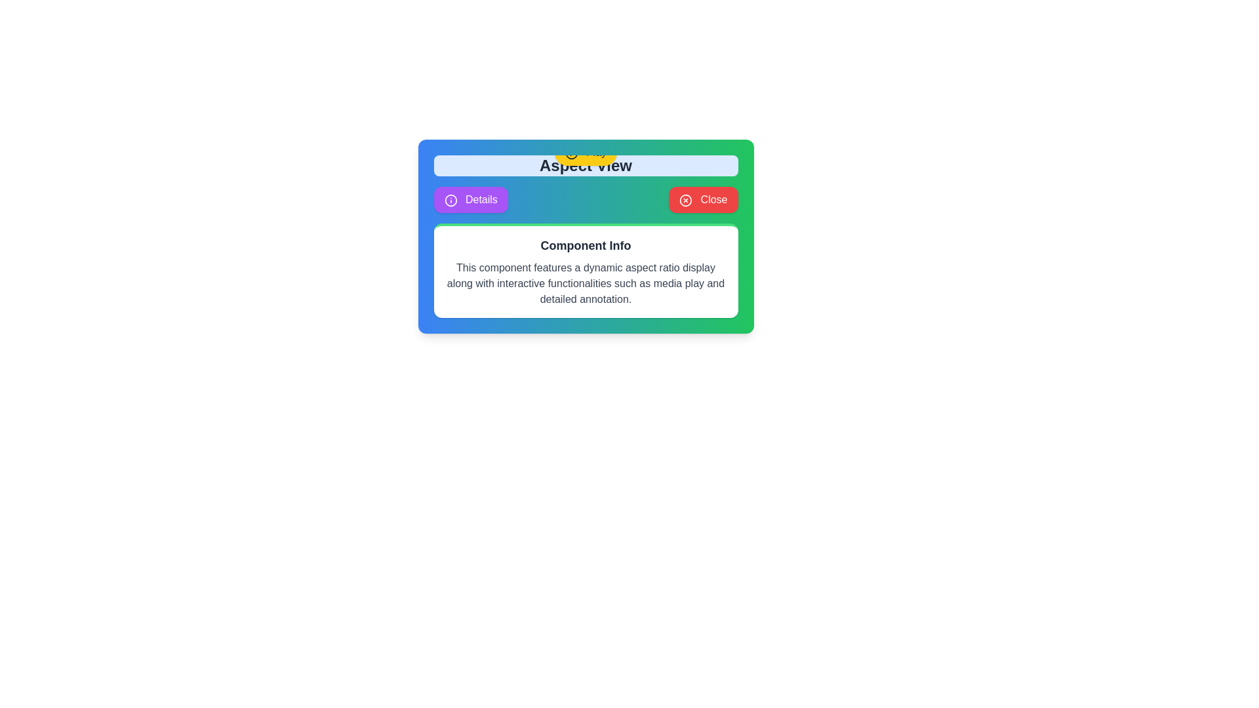 The height and width of the screenshot is (708, 1259). Describe the element at coordinates (585, 165) in the screenshot. I see `the bold text label displaying 'Aspect View' which is centered below the 'Play' button` at that location.